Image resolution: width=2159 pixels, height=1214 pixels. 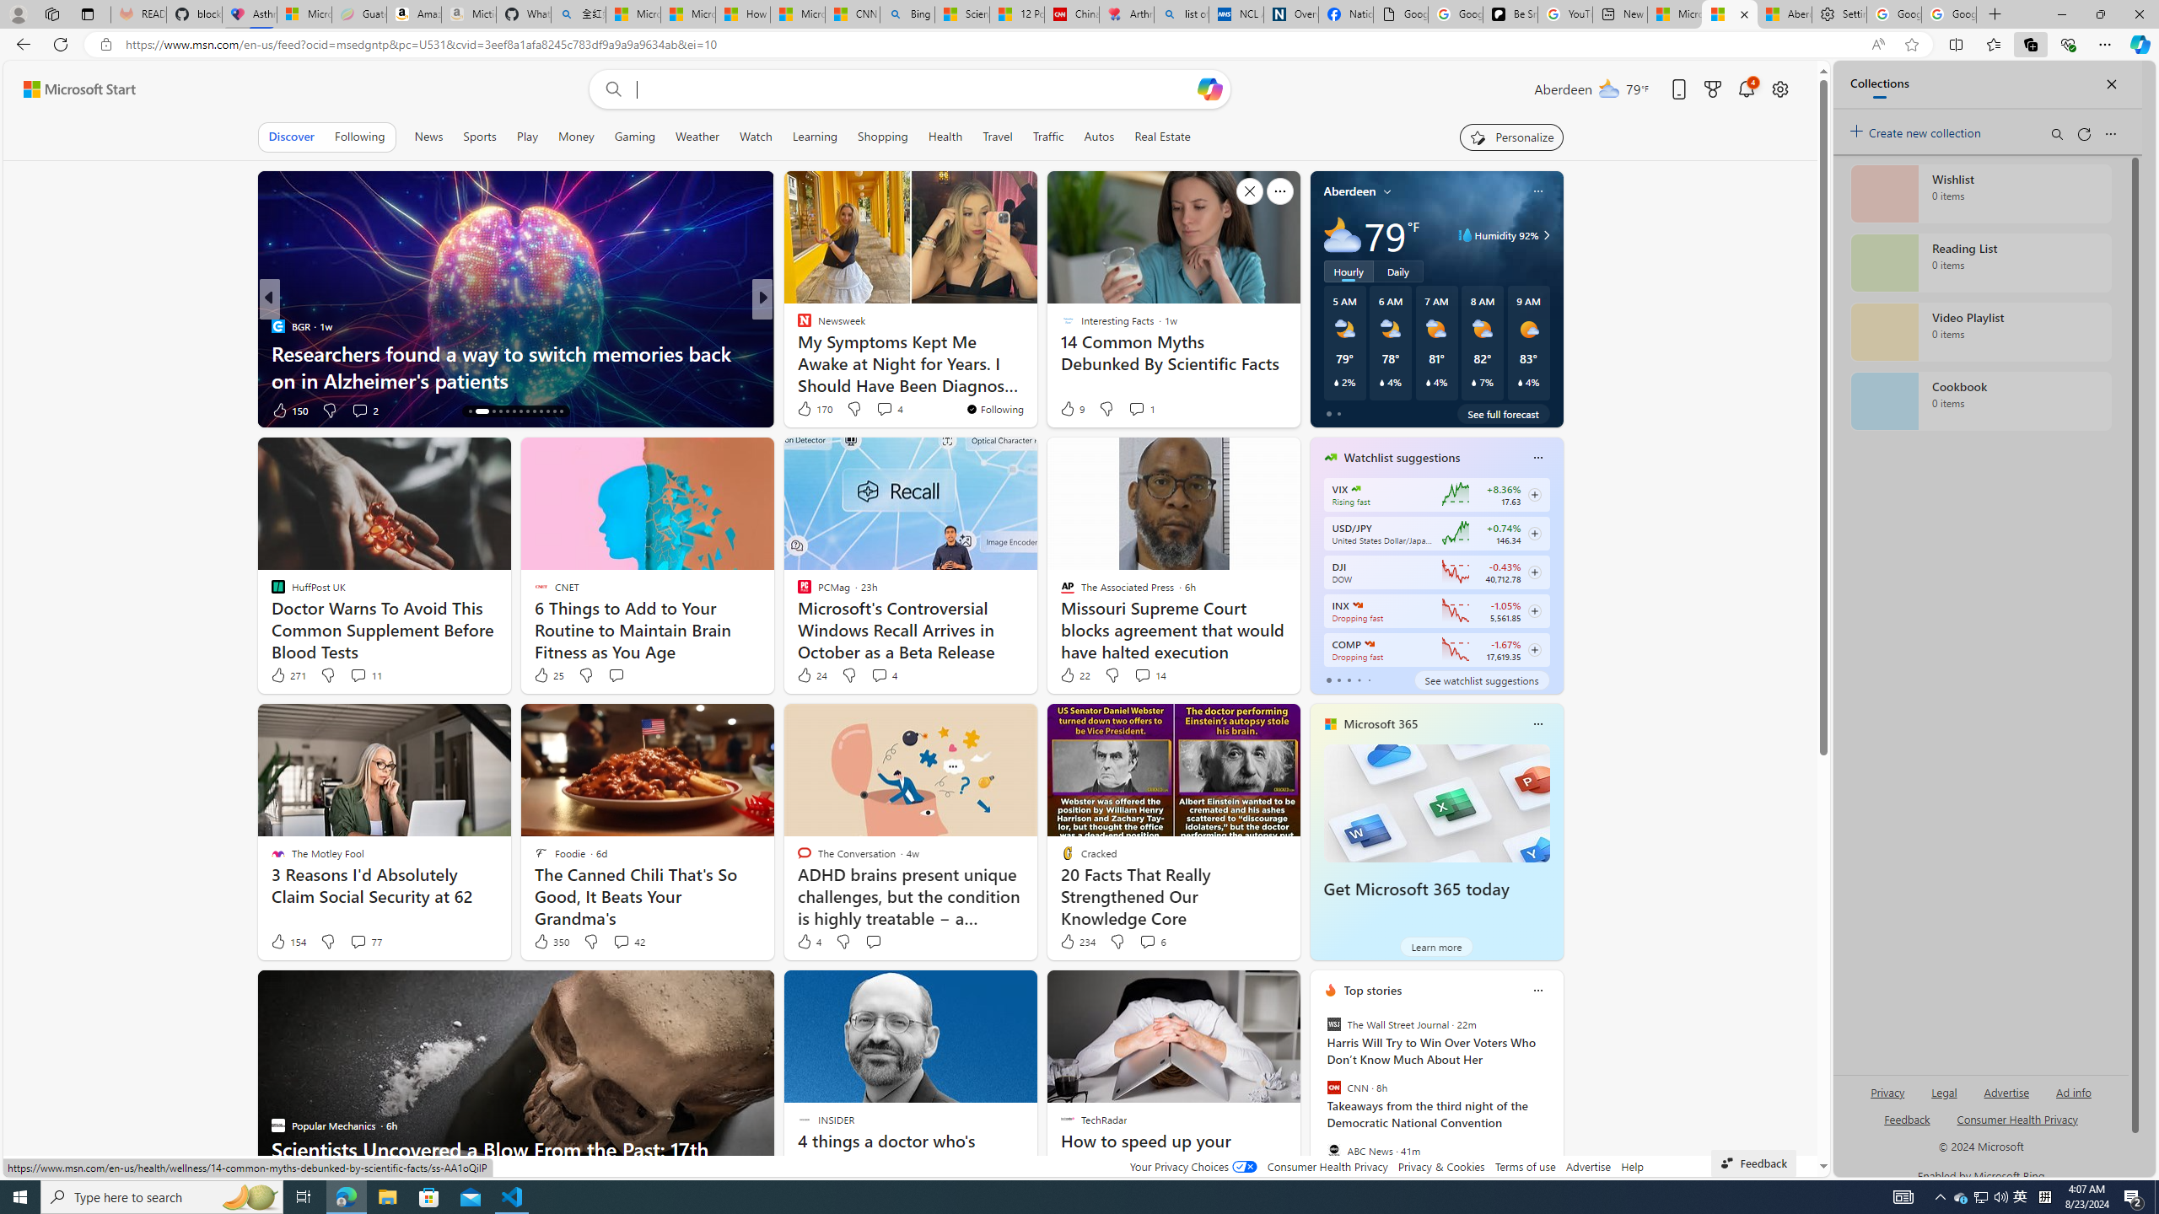 I want to click on 'View comments 4 Comment', so click(x=883, y=674).